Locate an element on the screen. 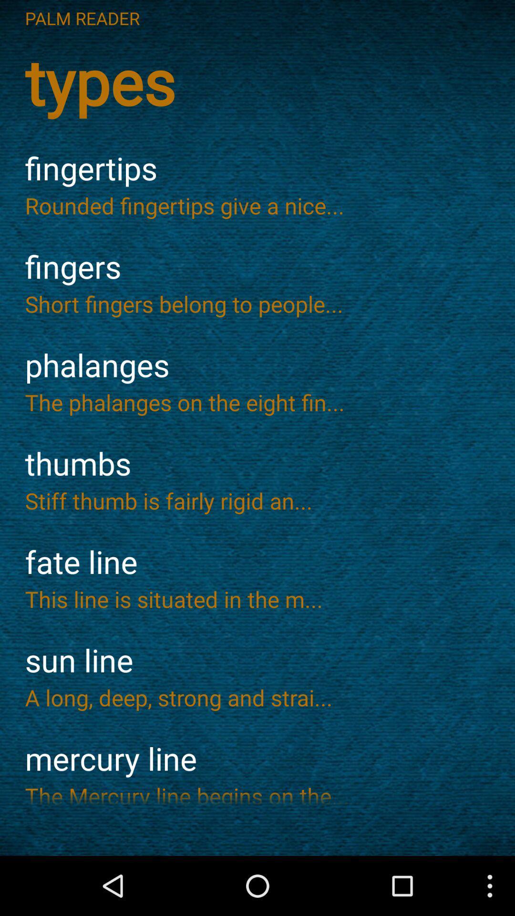 This screenshot has height=916, width=515. the fate line app is located at coordinates (257, 562).